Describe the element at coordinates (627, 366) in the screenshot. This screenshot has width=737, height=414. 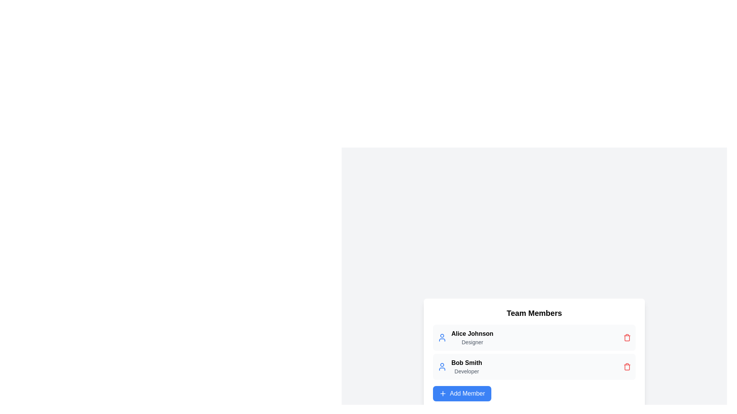
I see `the red trash can button that signifies delete action, located at the right end of the row for user 'Bob Smith', to observe its hover effect` at that location.